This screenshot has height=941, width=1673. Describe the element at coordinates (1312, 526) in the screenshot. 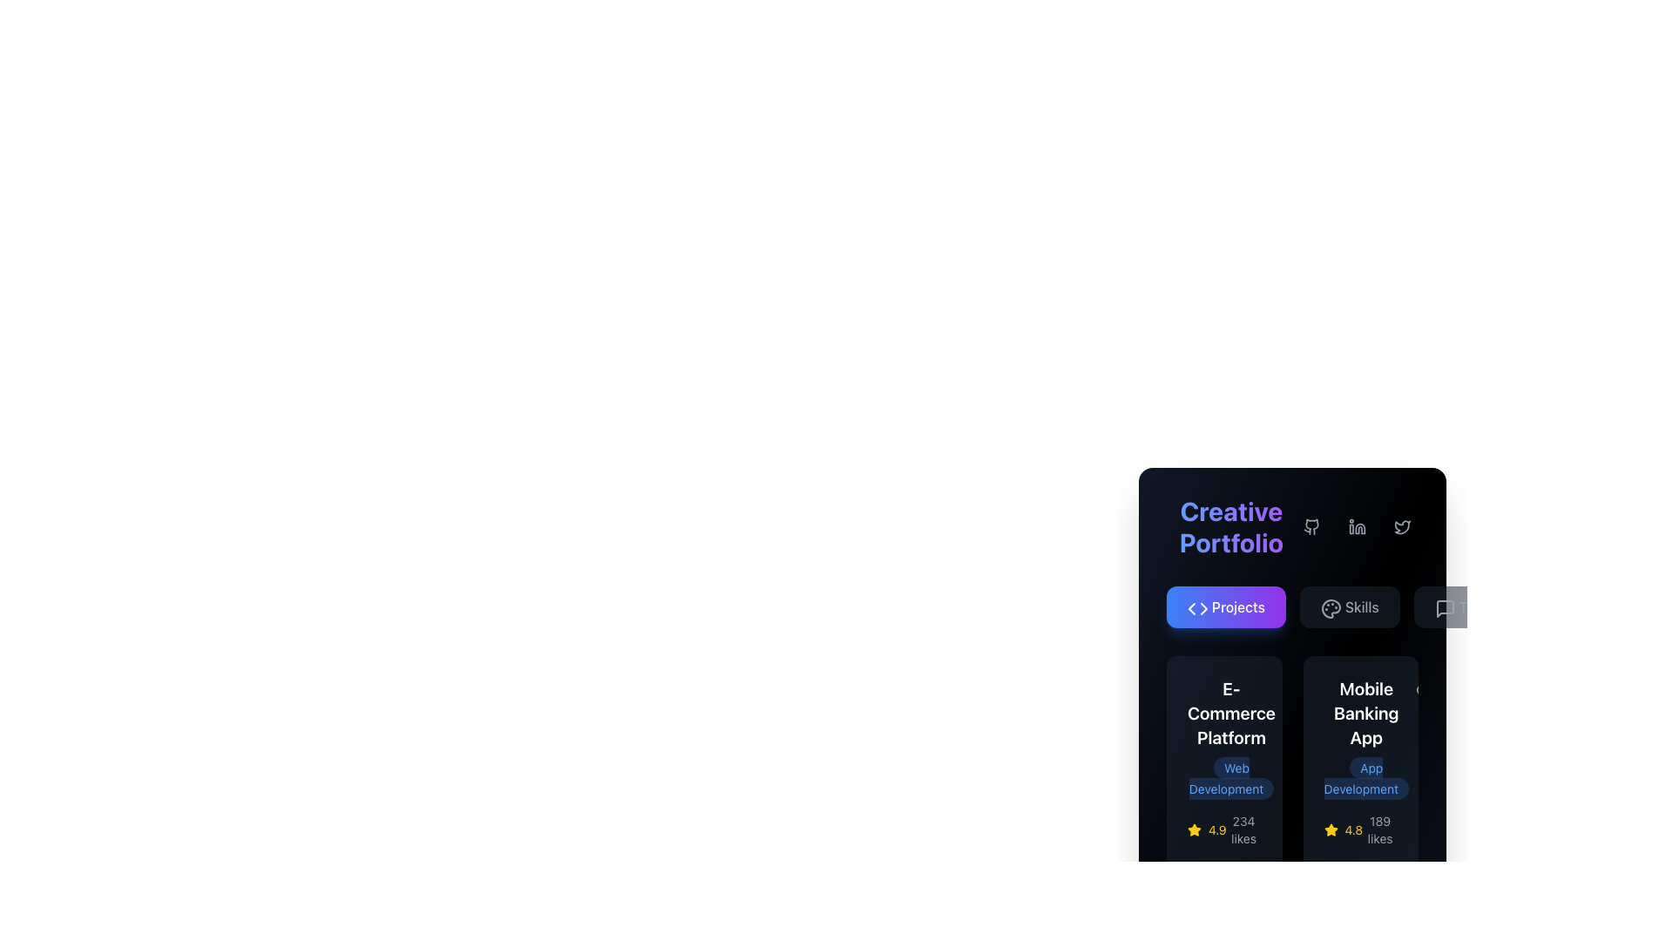

I see `the first icon button located to the immediate right of the 'Creative Portfolio' title` at that location.